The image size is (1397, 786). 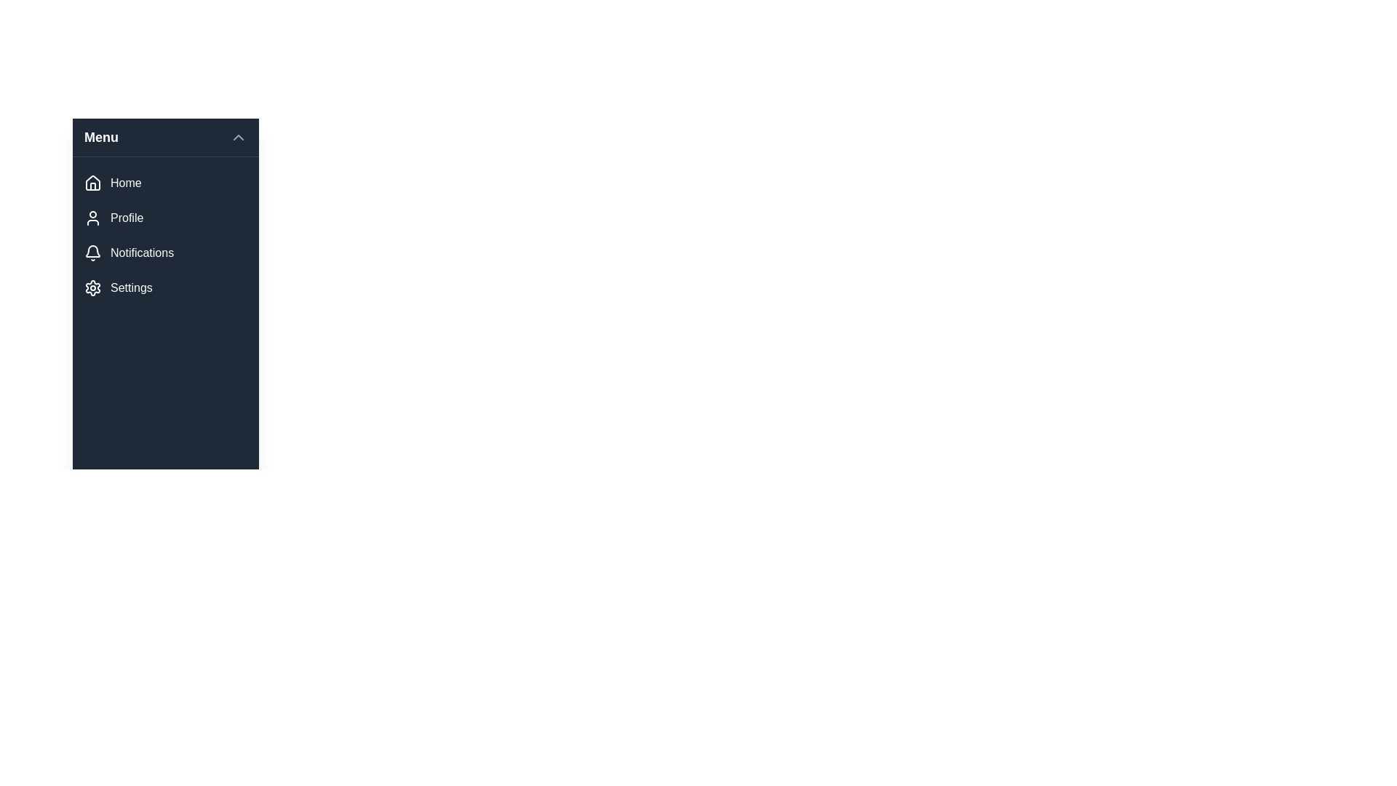 What do you see at coordinates (165, 218) in the screenshot?
I see `the second item` at bounding box center [165, 218].